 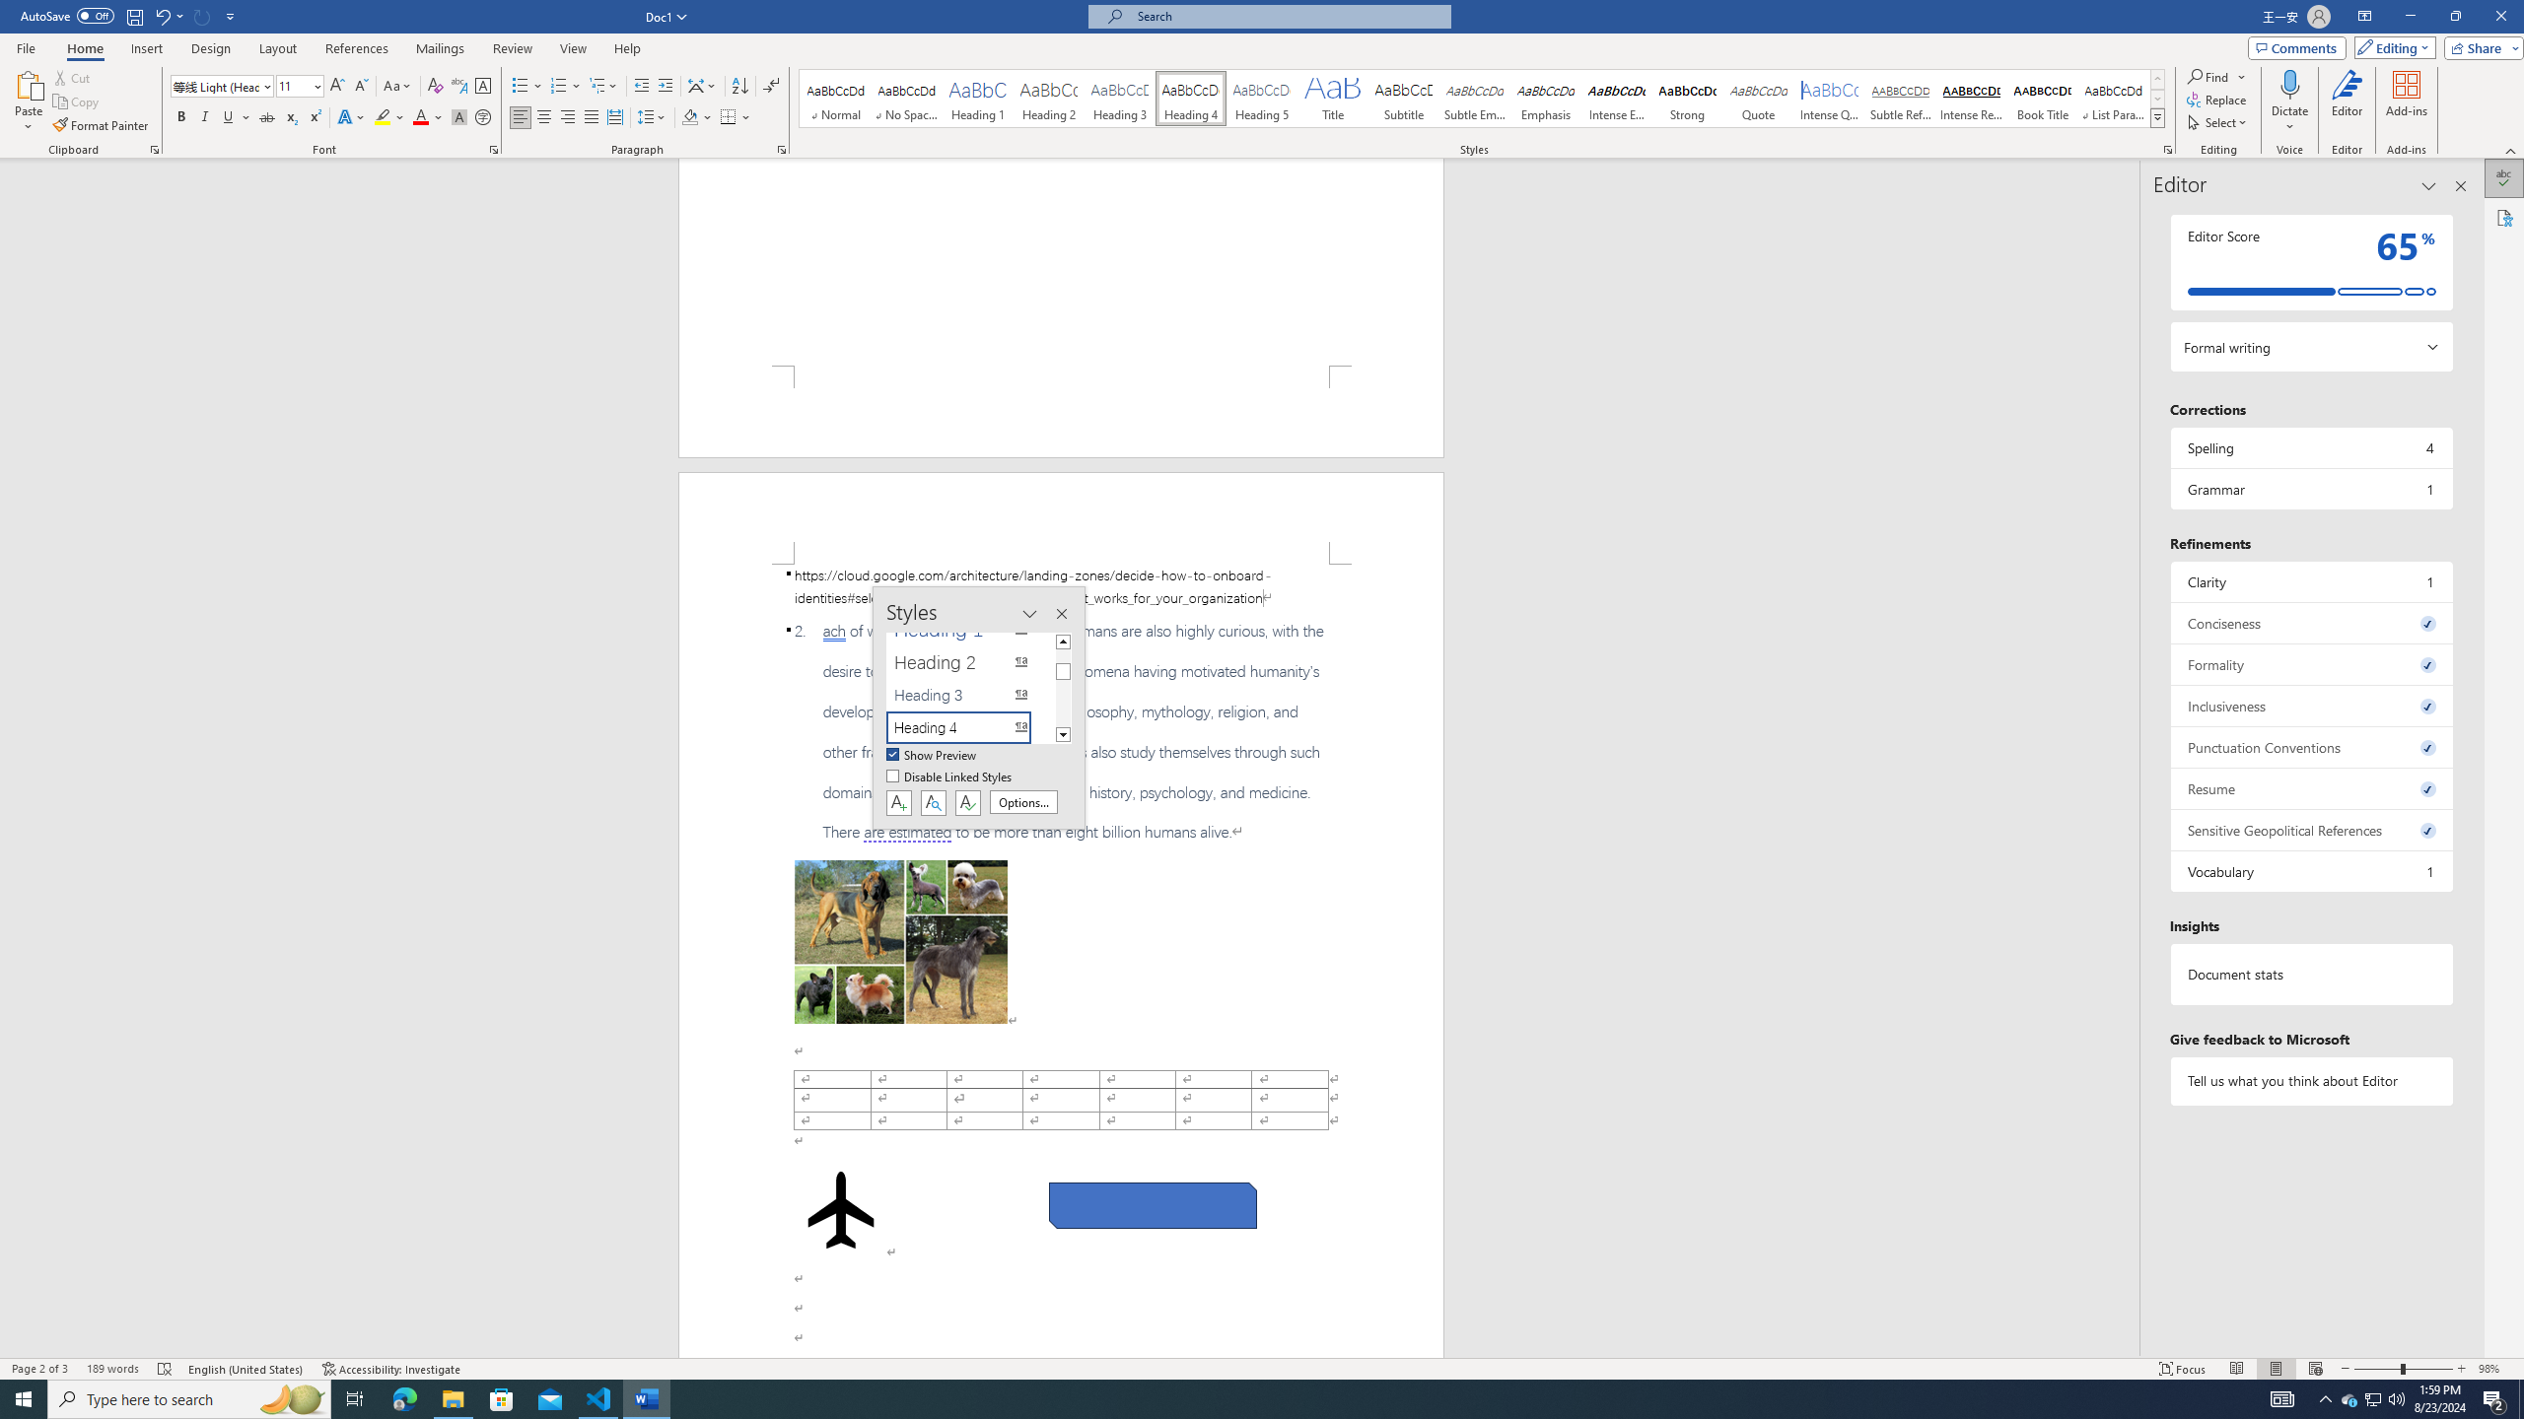 I want to click on 'Intense Reference', so click(x=1970, y=98).